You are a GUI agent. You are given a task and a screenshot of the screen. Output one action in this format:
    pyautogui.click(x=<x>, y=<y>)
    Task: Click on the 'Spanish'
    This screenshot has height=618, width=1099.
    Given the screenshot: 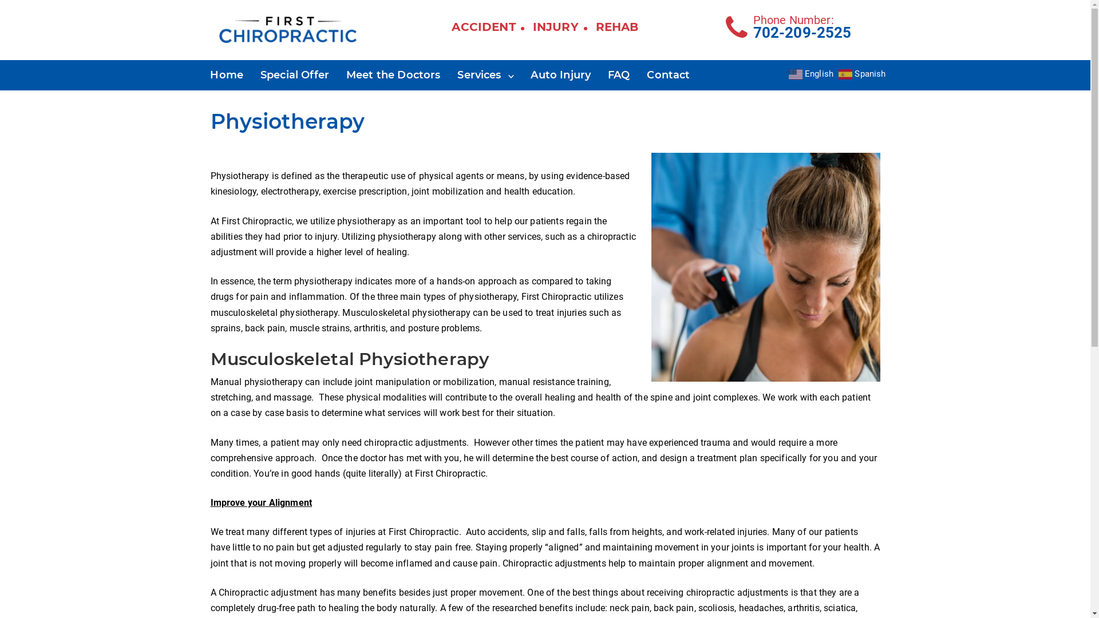 What is the action you would take?
    pyautogui.click(x=863, y=73)
    